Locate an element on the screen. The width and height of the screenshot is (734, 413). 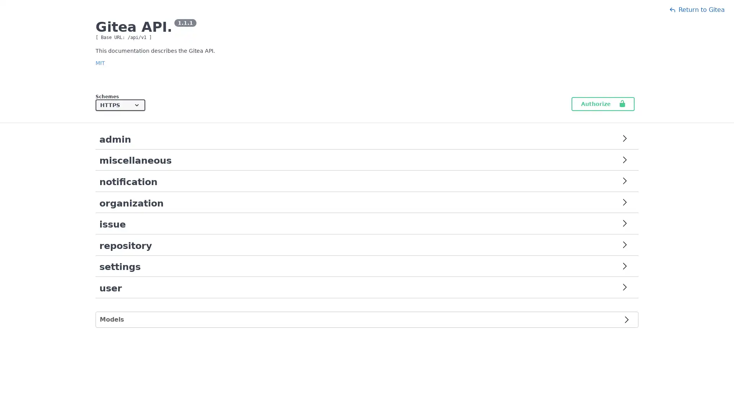
Expand operation is located at coordinates (624, 139).